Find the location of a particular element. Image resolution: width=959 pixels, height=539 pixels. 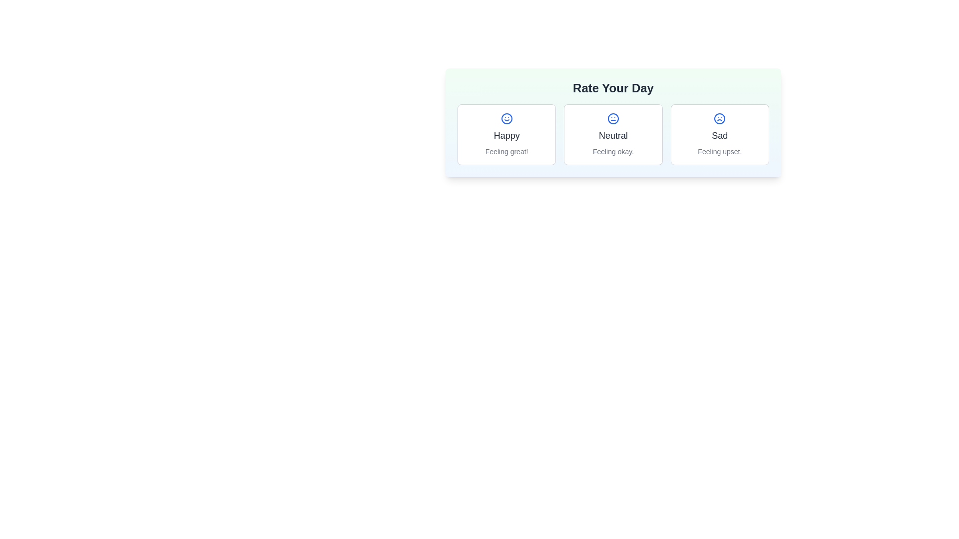

the central circular decorative graphical element, which is part of a frowning face symbol in the 'Rate Your Day' section is located at coordinates (720, 118).